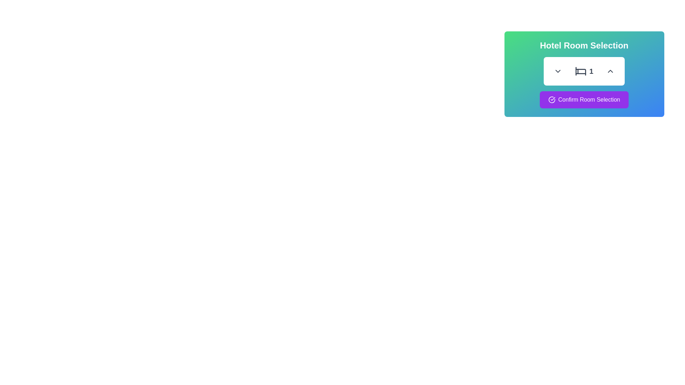  I want to click on the button with a chevron-down icon that decreases a numerical value by, so click(558, 71).